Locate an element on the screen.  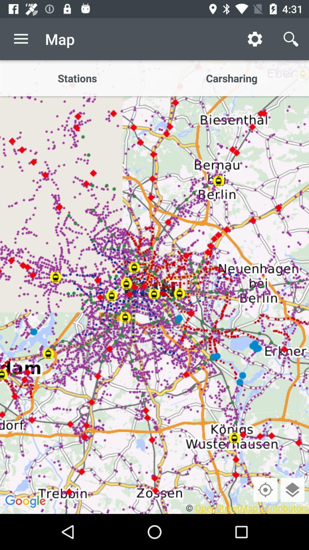
my location is located at coordinates (265, 489).